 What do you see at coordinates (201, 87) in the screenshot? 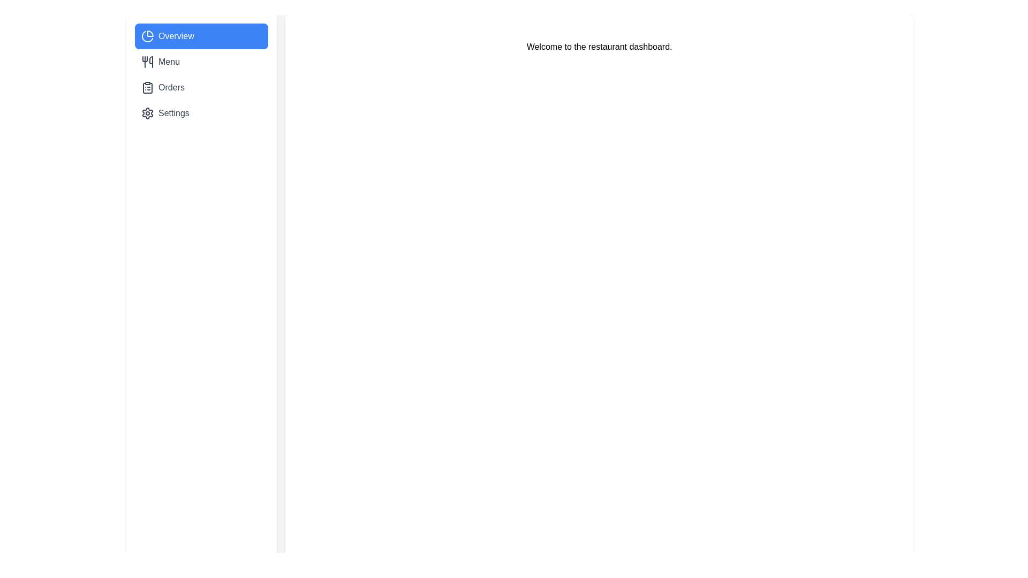
I see `the third button in the vertical list of four buttons within the 'Overview Menu Orders Settings' sidebar` at bounding box center [201, 87].